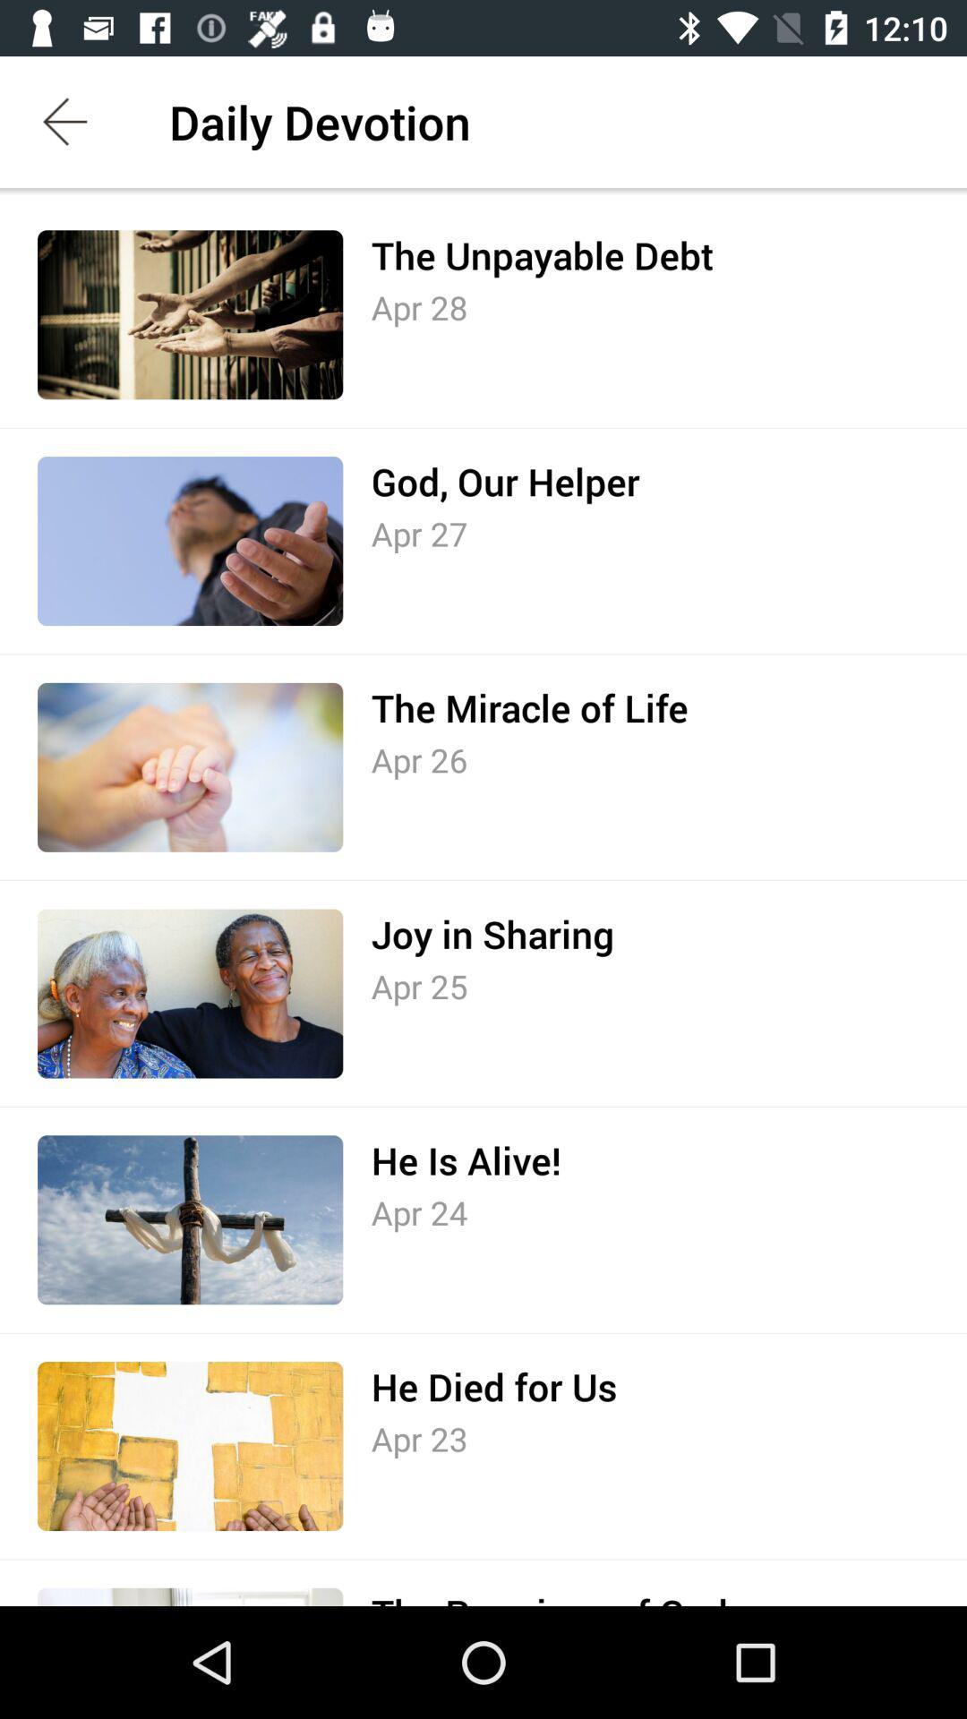  Describe the element at coordinates (465, 1160) in the screenshot. I see `item above apr 24 icon` at that location.